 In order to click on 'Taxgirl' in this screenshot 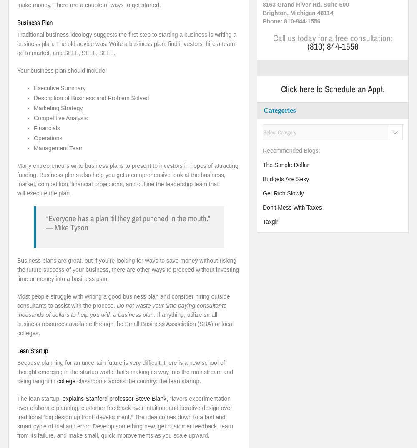, I will do `click(271, 221)`.